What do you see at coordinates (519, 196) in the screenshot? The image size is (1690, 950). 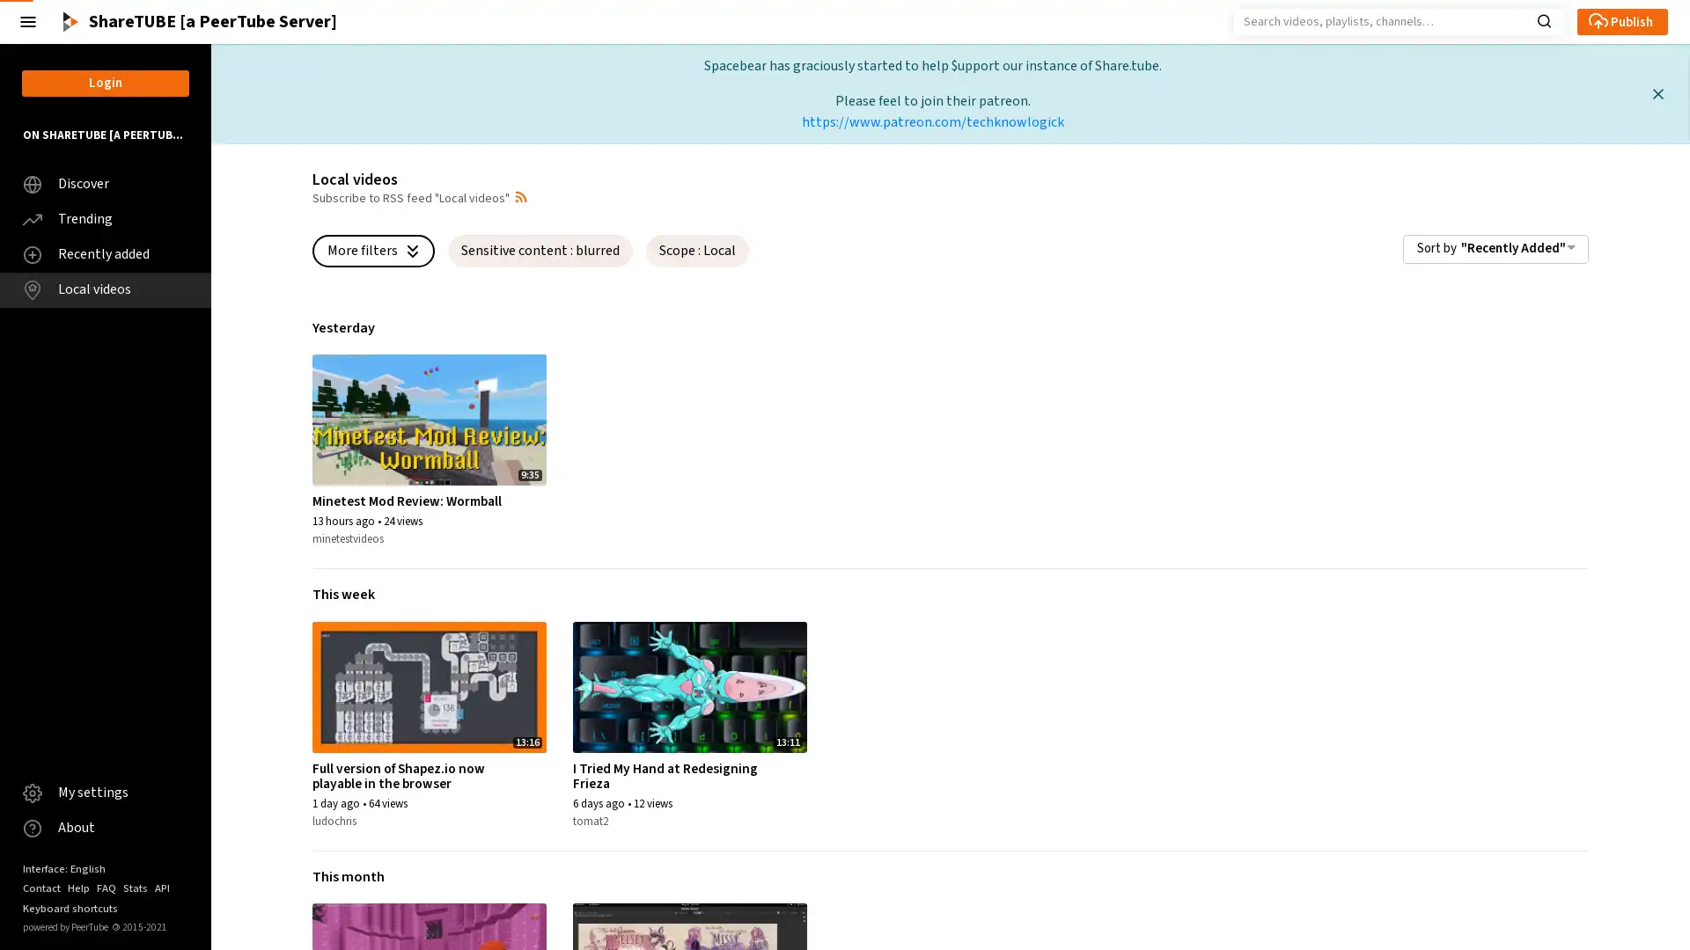 I see `Open syndication dropdown` at bounding box center [519, 196].